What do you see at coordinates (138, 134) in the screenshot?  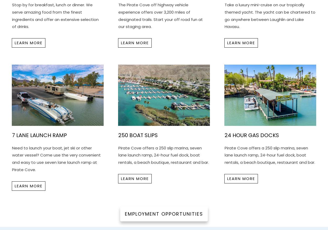 I see `'250 Boat Slips'` at bounding box center [138, 134].